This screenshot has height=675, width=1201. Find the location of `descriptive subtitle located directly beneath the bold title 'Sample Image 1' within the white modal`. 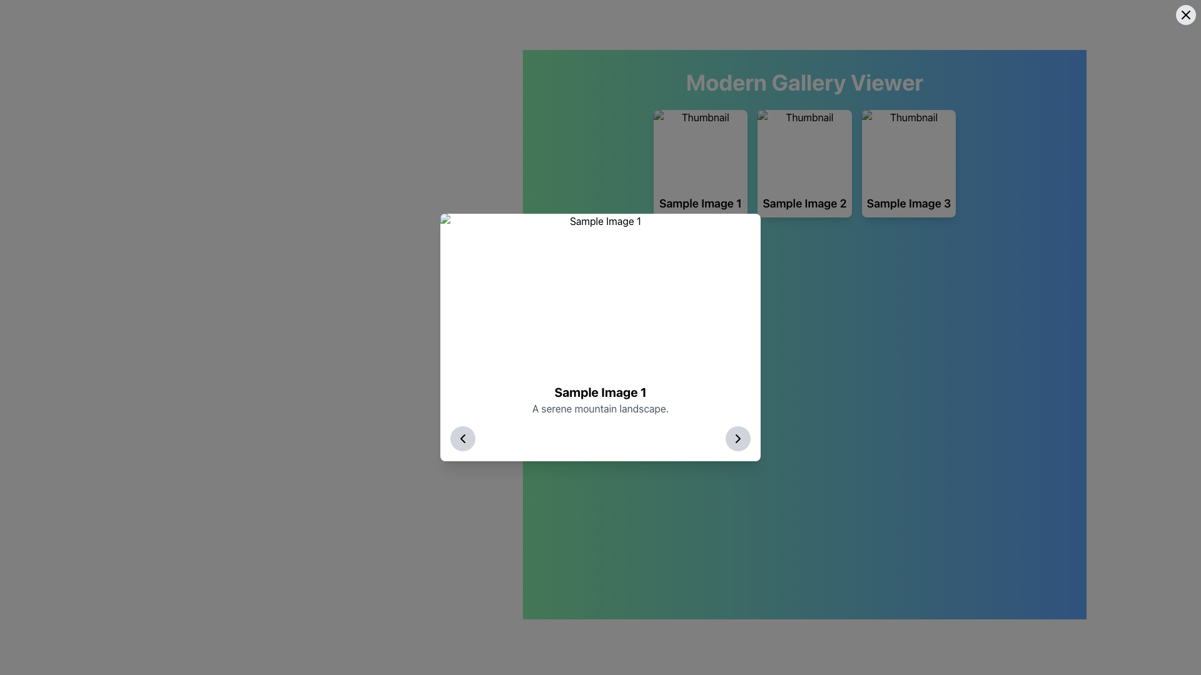

descriptive subtitle located directly beneath the bold title 'Sample Image 1' within the white modal is located at coordinates (600, 409).